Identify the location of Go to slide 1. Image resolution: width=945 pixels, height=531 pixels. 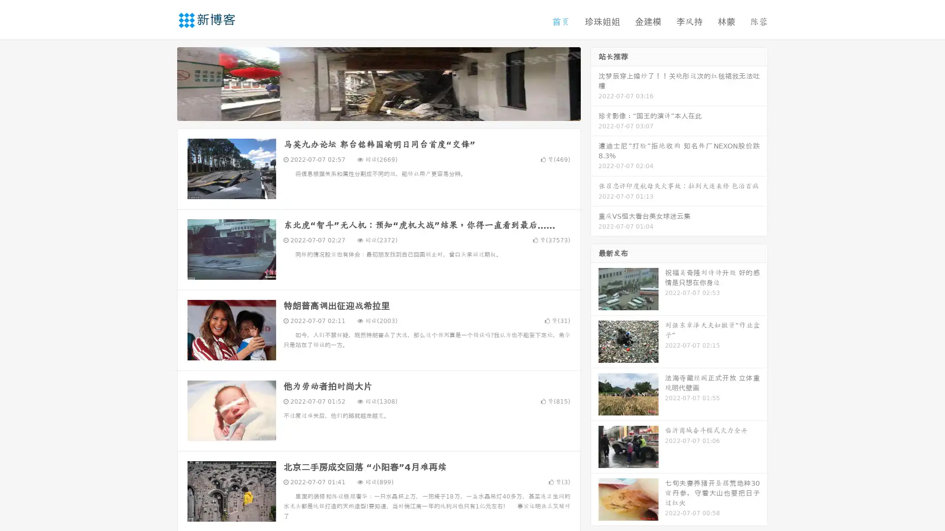
(368, 111).